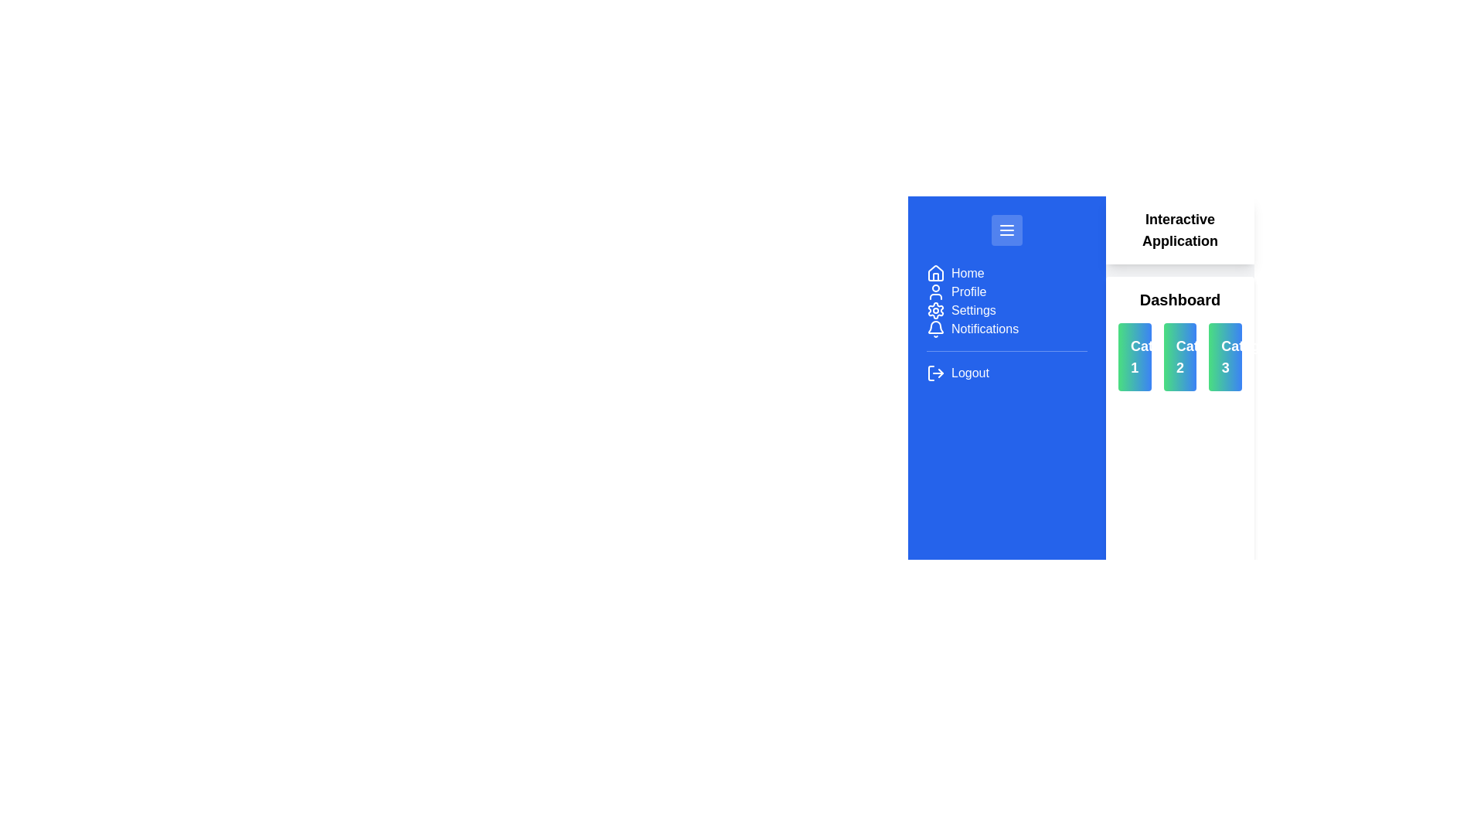  Describe the element at coordinates (934, 273) in the screenshot. I see `the house icon in the navigation menu on the left side of the interface, which is situated under the 'Home' section and to the left of the 'Home' text` at that location.